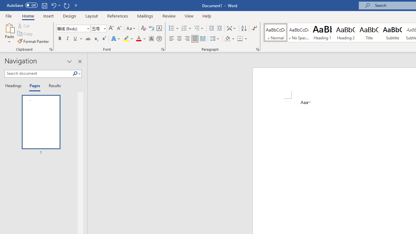 The width and height of the screenshot is (416, 234). What do you see at coordinates (118, 16) in the screenshot?
I see `'References'` at bounding box center [118, 16].